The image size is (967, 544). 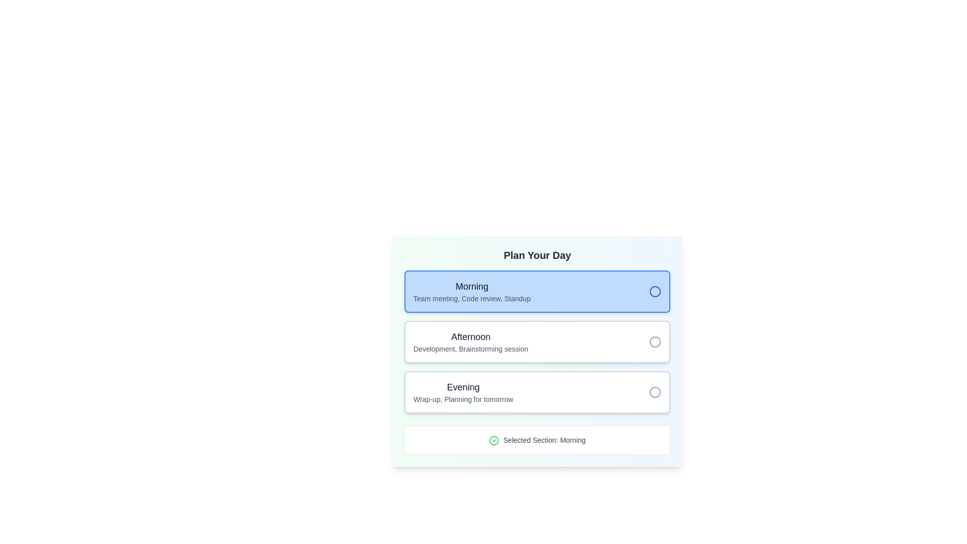 I want to click on the radio button selection indicator for the 'Morning' section, so click(x=655, y=291).